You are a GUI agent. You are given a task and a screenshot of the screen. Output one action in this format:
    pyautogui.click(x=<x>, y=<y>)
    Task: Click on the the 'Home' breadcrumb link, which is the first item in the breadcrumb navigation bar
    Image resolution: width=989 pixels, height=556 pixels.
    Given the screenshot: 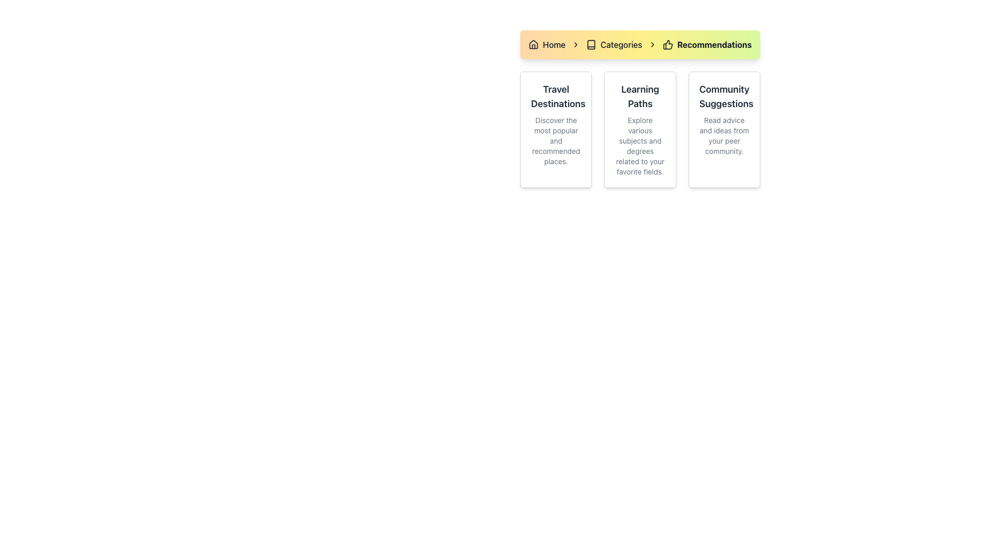 What is the action you would take?
    pyautogui.click(x=546, y=44)
    